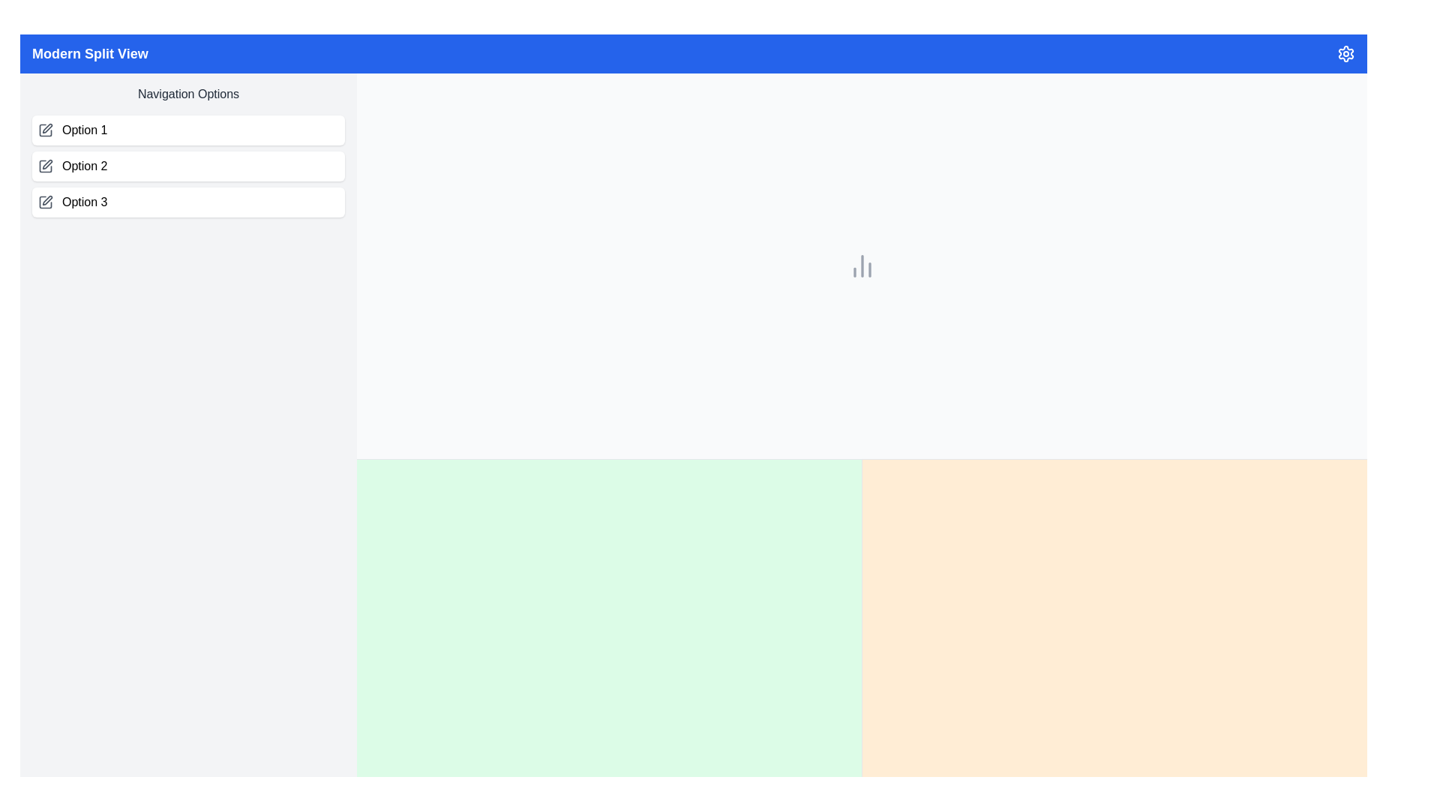  I want to click on the 'Option 3' button in the left-side navigation panel, so click(187, 202).